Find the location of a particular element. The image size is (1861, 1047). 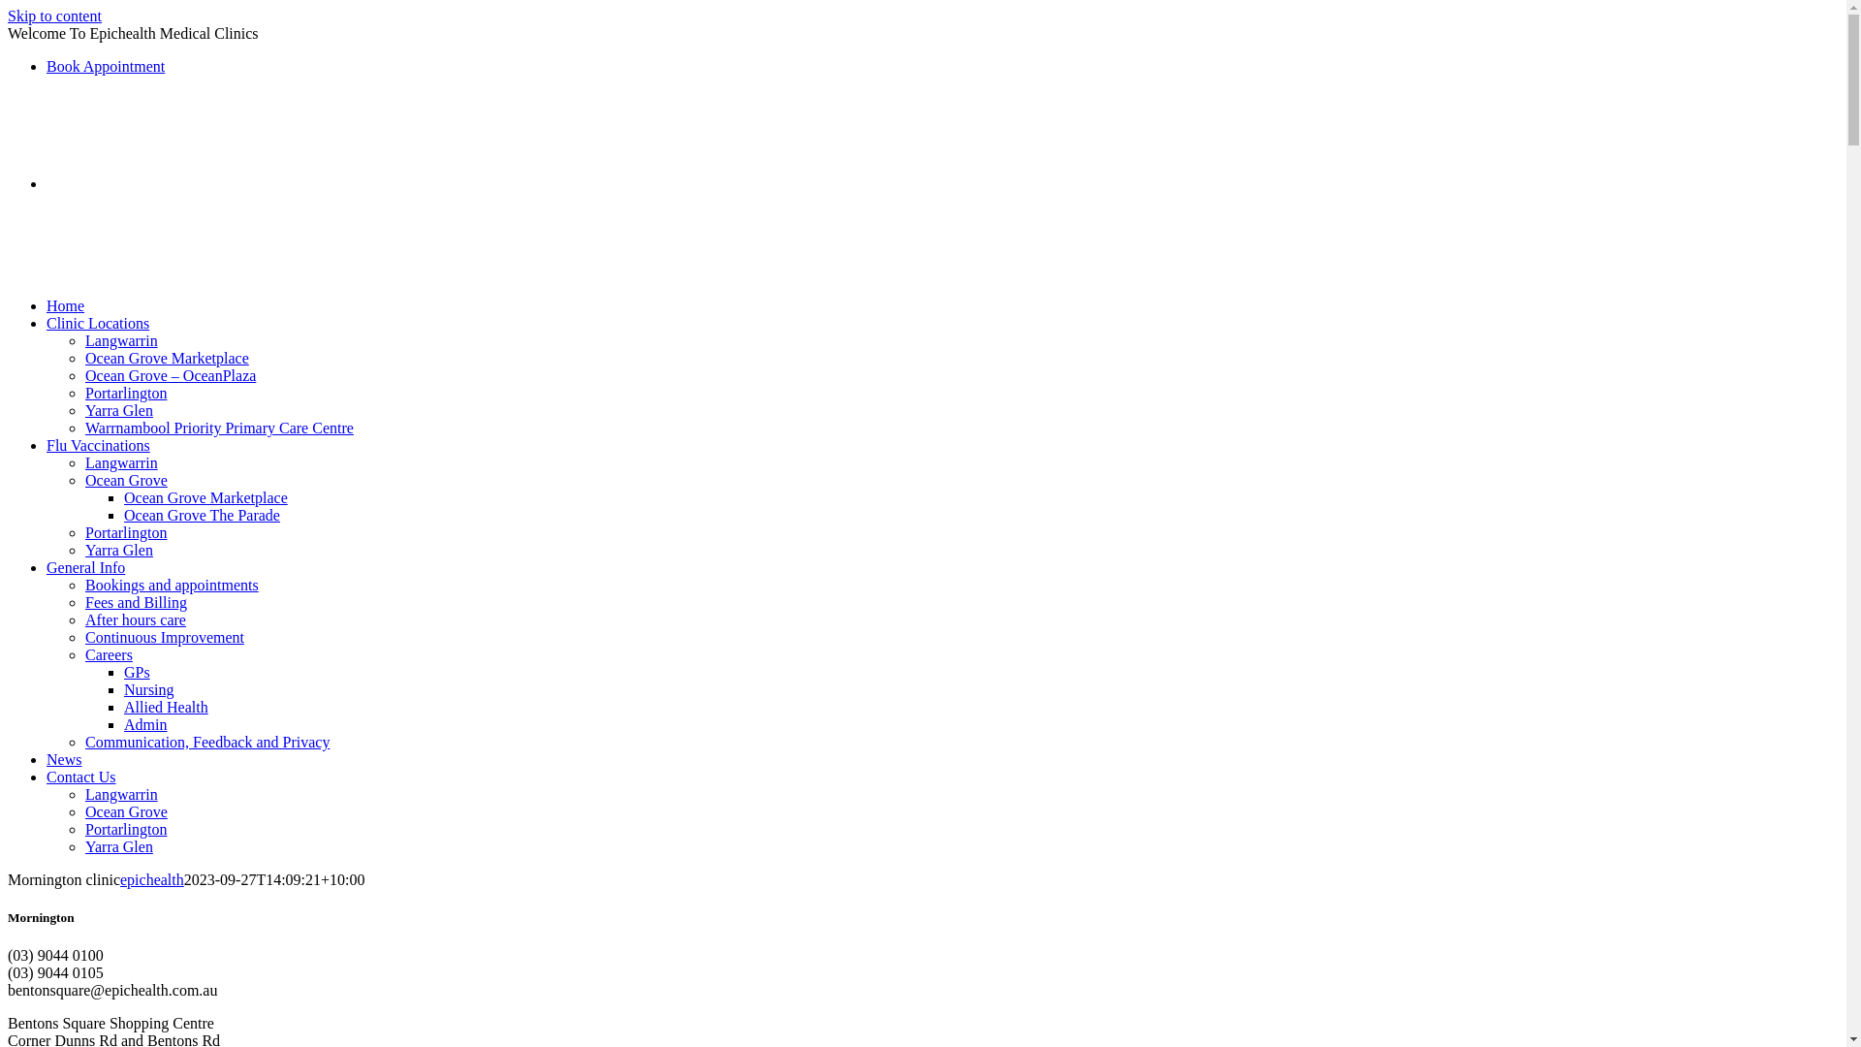

'epichealth' is located at coordinates (151, 879).